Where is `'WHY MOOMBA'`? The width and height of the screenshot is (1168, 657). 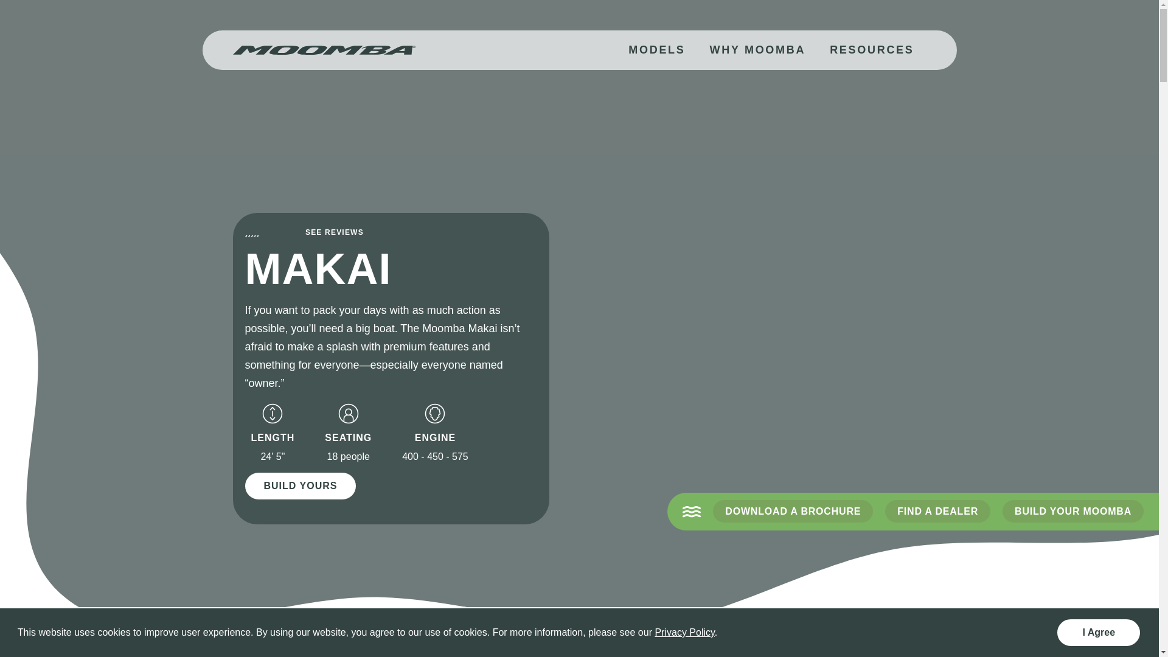
'WHY MOOMBA' is located at coordinates (756, 49).